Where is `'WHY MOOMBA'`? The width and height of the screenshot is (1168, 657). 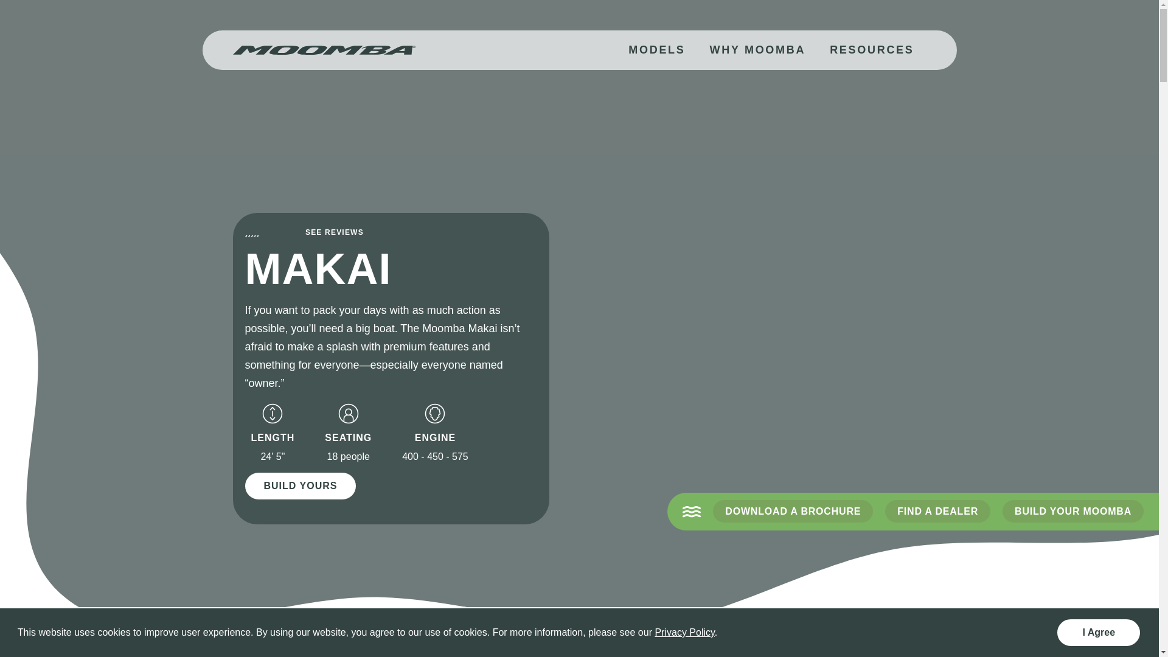
'WHY MOOMBA' is located at coordinates (756, 49).